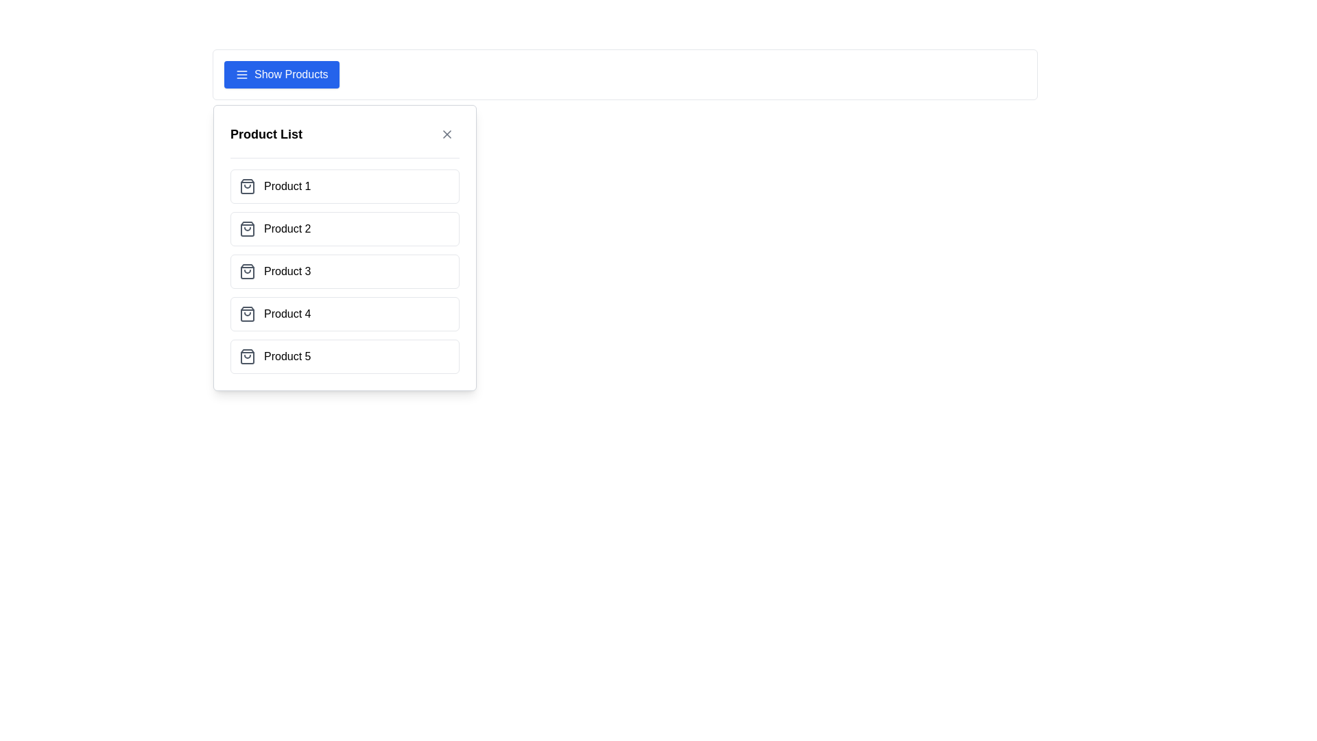  What do you see at coordinates (345, 248) in the screenshot?
I see `the second item` at bounding box center [345, 248].